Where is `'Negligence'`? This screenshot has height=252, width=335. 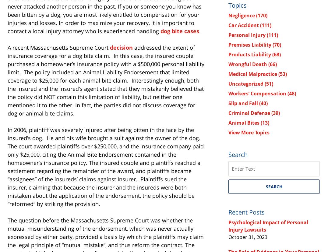 'Negligence' is located at coordinates (242, 15).